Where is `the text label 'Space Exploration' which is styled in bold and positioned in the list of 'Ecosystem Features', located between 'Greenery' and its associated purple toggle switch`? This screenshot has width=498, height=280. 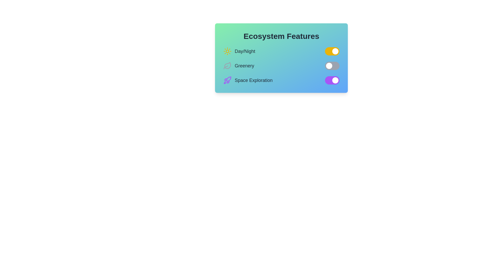
the text label 'Space Exploration' which is styled in bold and positioned in the list of 'Ecosystem Features', located between 'Greenery' and its associated purple toggle switch is located at coordinates (254, 80).